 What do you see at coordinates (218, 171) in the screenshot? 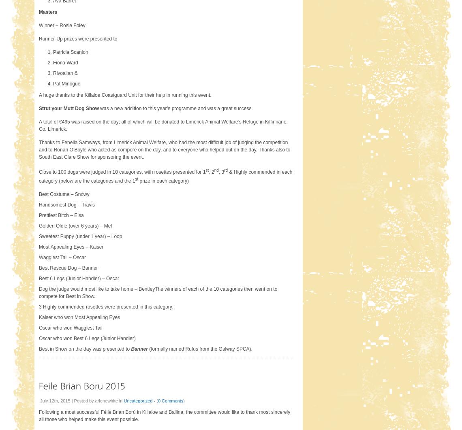
I see `', 3'` at bounding box center [218, 171].